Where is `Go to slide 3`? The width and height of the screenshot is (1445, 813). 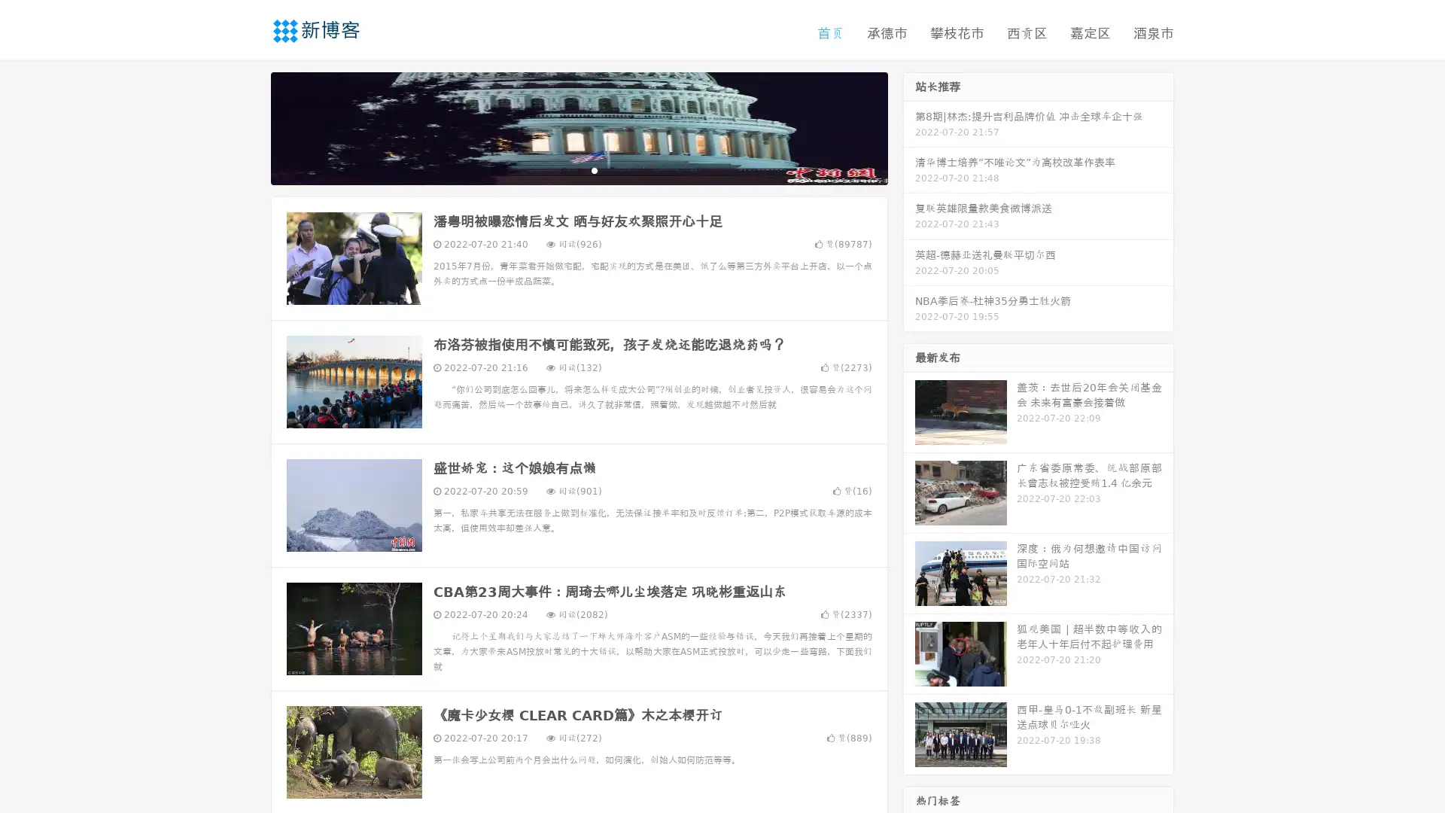
Go to slide 3 is located at coordinates (594, 169).